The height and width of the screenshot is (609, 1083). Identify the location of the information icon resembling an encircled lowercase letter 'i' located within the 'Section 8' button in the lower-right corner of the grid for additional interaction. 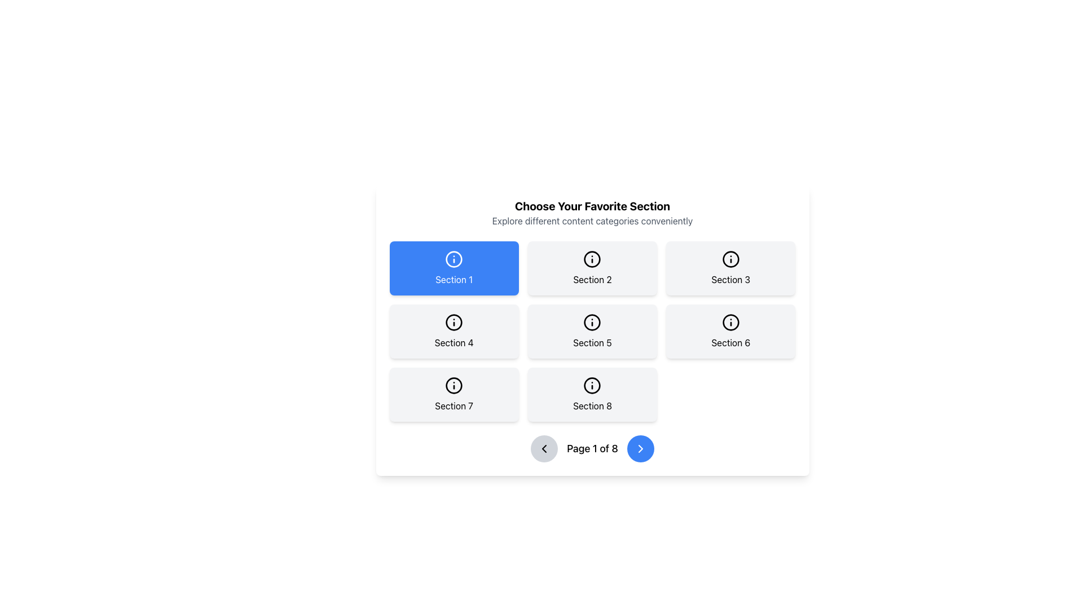
(592, 385).